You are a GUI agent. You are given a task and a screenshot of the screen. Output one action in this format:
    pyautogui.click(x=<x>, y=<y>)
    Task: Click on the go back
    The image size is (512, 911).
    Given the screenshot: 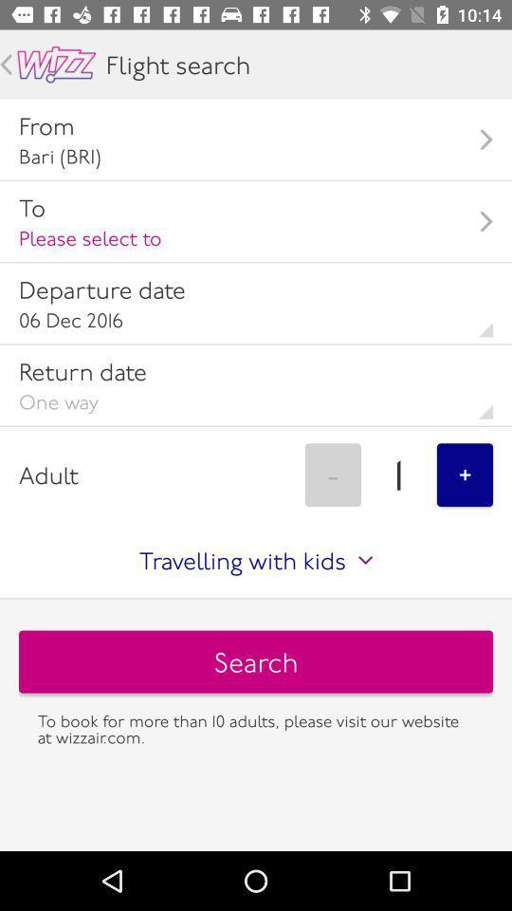 What is the action you would take?
    pyautogui.click(x=56, y=65)
    